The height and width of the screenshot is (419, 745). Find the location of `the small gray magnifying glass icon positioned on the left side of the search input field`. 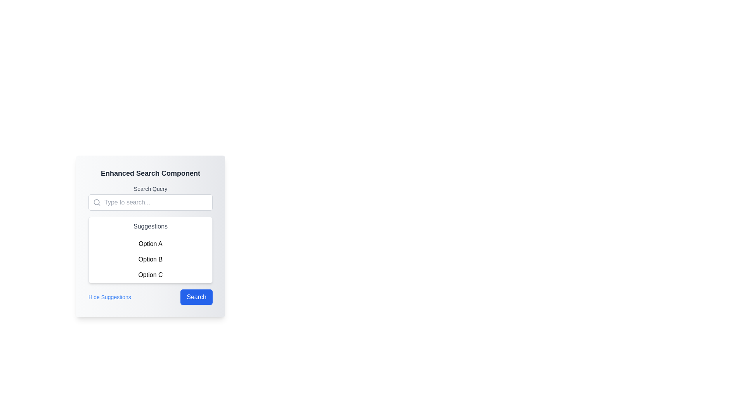

the small gray magnifying glass icon positioned on the left side of the search input field is located at coordinates (94, 202).